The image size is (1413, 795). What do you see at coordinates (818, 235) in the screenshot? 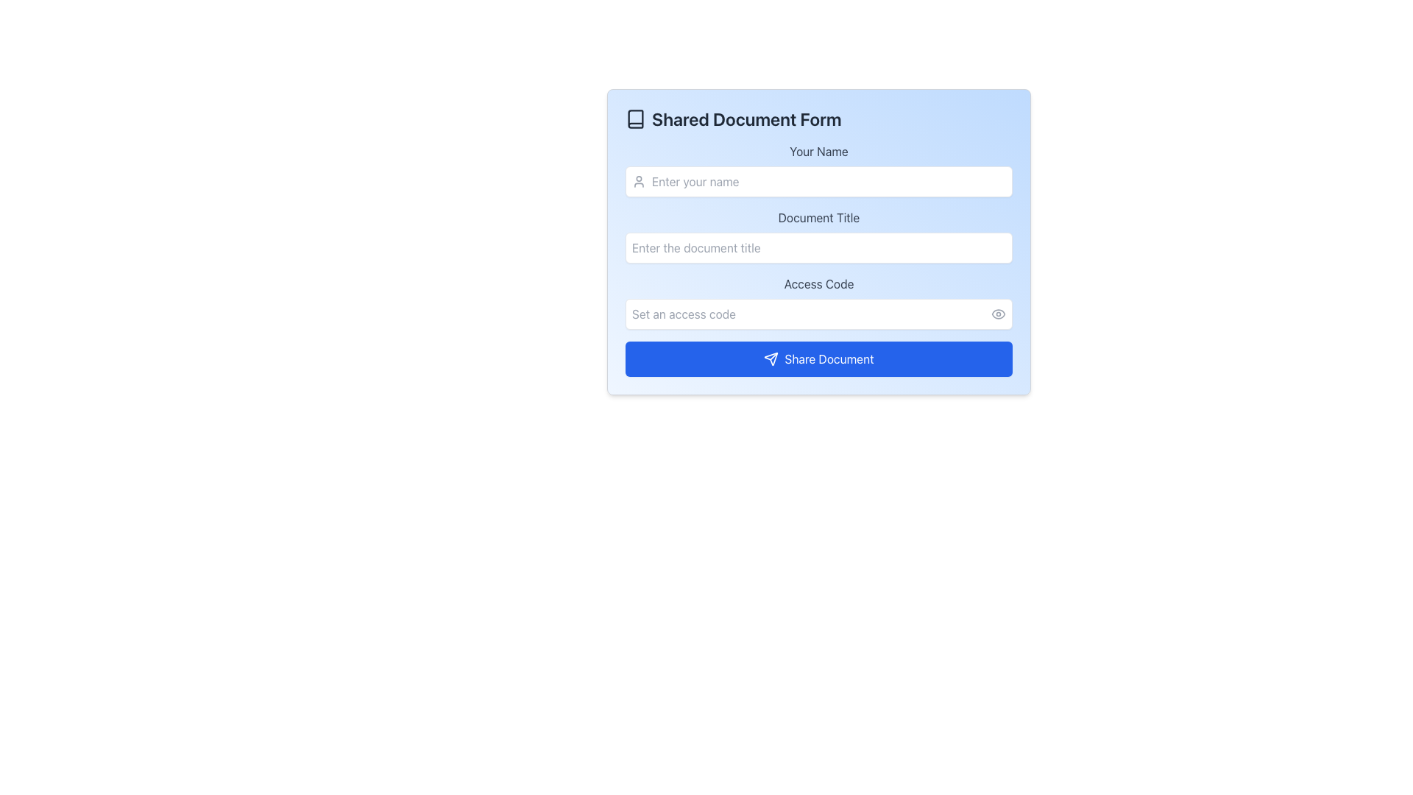
I see `into the Text Input Field for Document Title to focus and type` at bounding box center [818, 235].